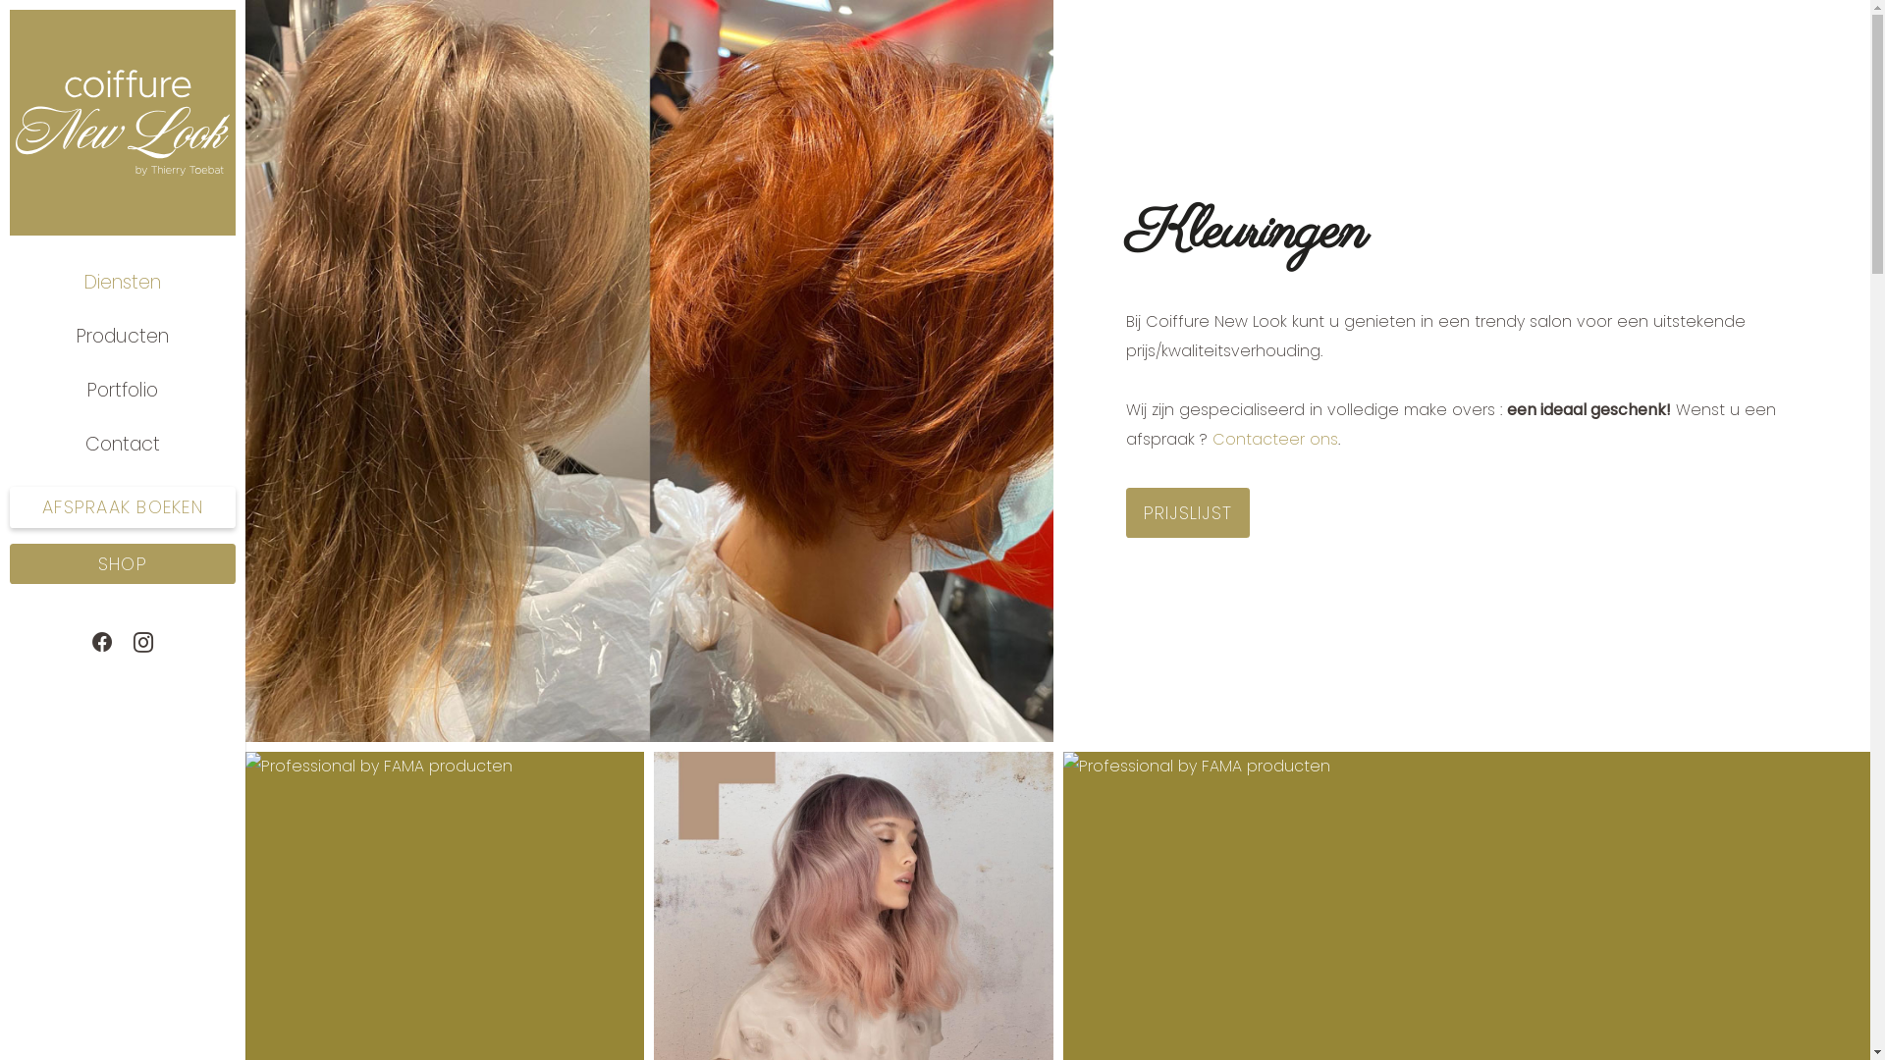 Image resolution: width=1885 pixels, height=1060 pixels. Describe the element at coordinates (121, 563) in the screenshot. I see `'SHOP'` at that location.